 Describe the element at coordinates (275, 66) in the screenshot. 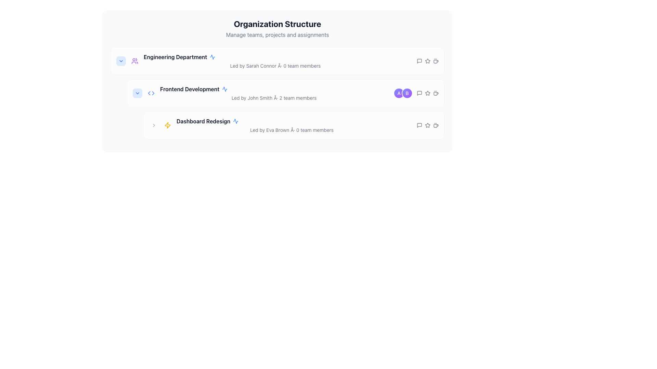

I see `the text label that reads 'Led by Sarah Connor · 0 team members', which is styled in small gray font and positioned beneath the 'Engineering Department' title` at that location.